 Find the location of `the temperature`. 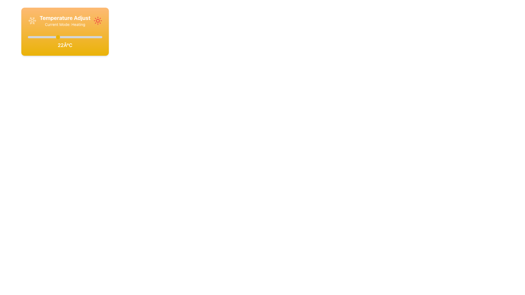

the temperature is located at coordinates (84, 37).